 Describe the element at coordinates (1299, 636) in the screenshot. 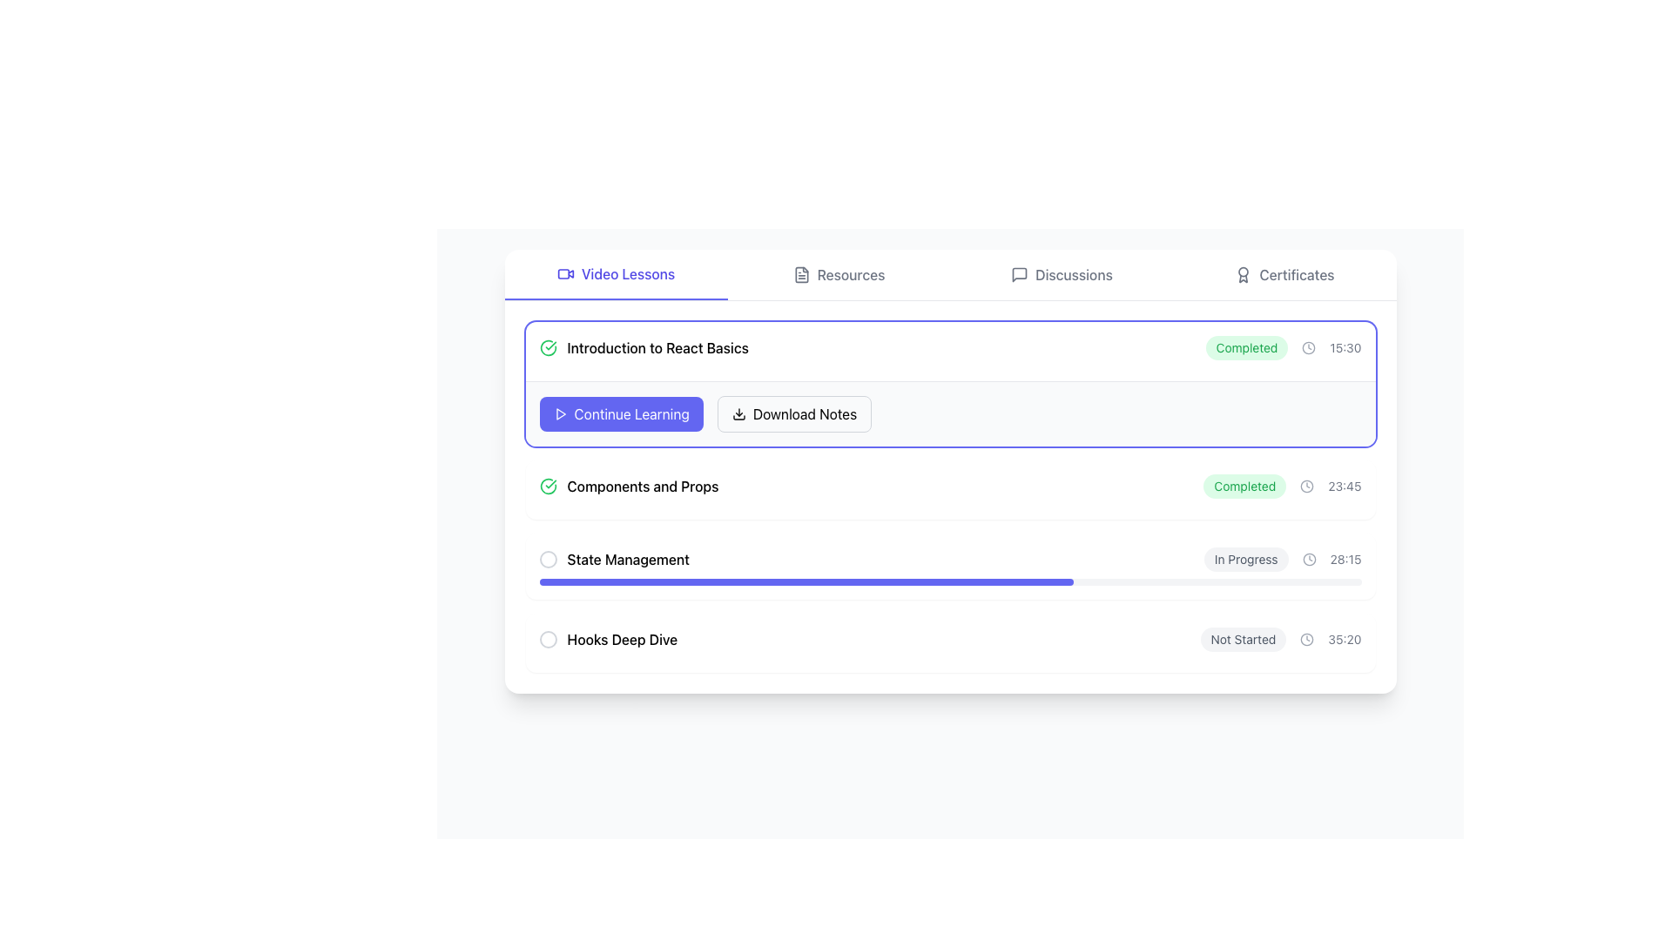

I see `the circular element at a specified angle 172 (in degrees) from the positive x-axis` at that location.